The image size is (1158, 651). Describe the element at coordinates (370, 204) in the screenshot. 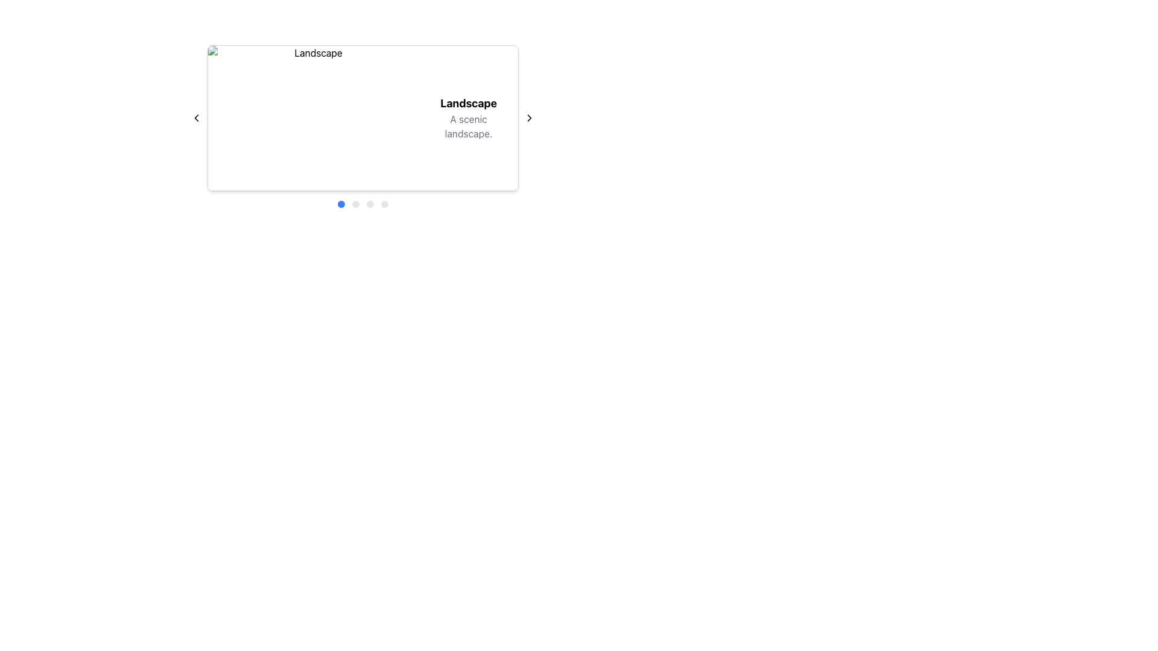

I see `the third navigation dot of the carousel` at that location.